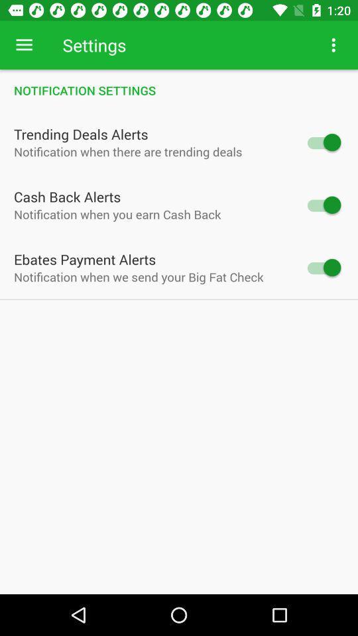  Describe the element at coordinates (24, 45) in the screenshot. I see `app next to settings app` at that location.